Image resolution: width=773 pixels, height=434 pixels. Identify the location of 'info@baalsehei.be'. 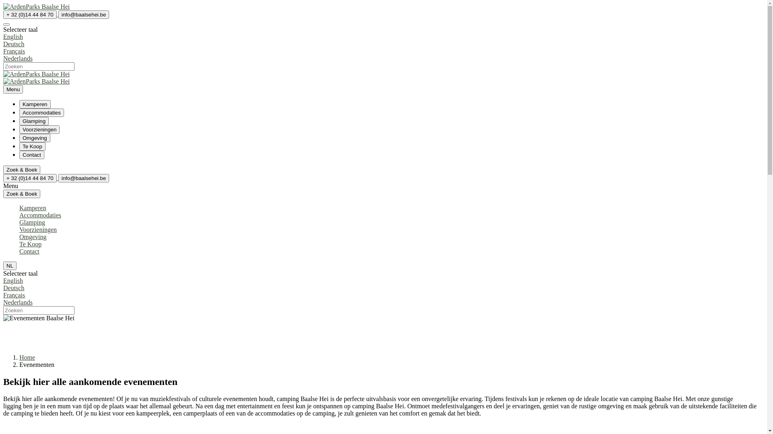
(84, 178).